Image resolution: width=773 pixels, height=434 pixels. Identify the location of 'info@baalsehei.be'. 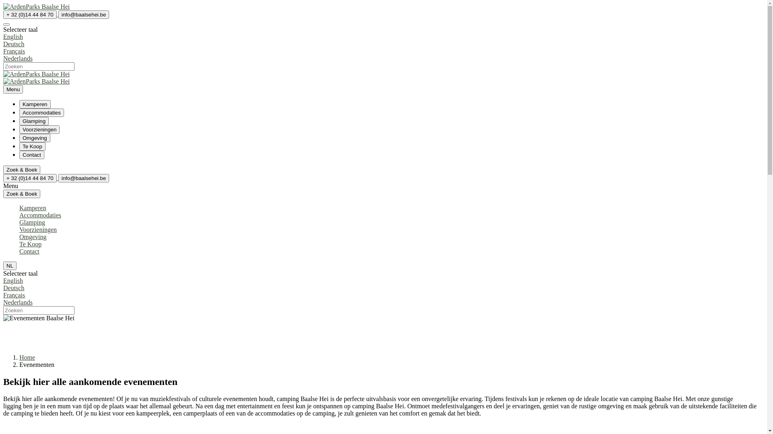
(84, 178).